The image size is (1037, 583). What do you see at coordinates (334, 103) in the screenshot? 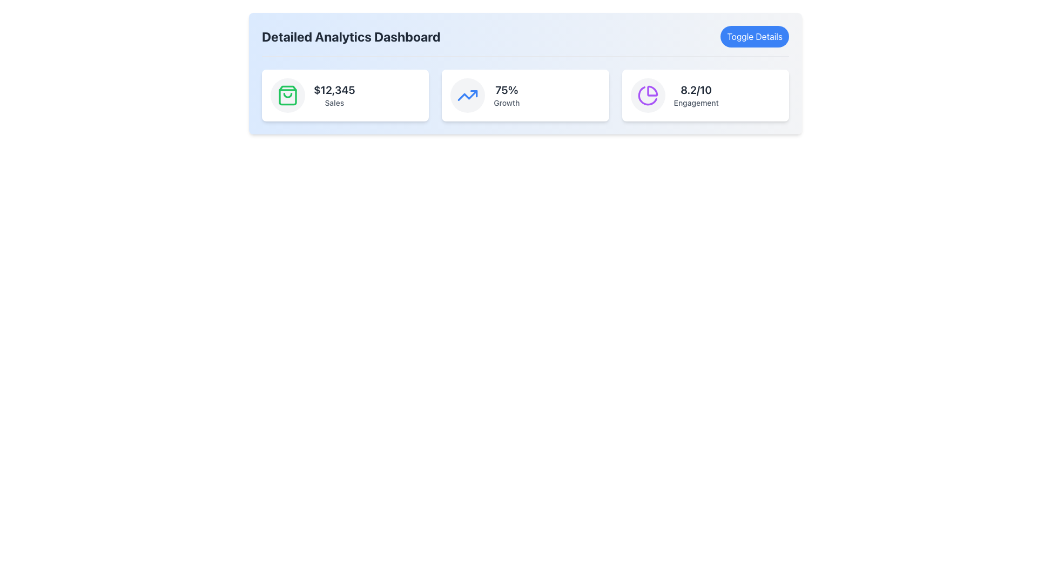
I see `the Static Text Label displaying 'Sales', which is located directly below the numerical text '$12,345' in the top-left card of the dashboard` at bounding box center [334, 103].